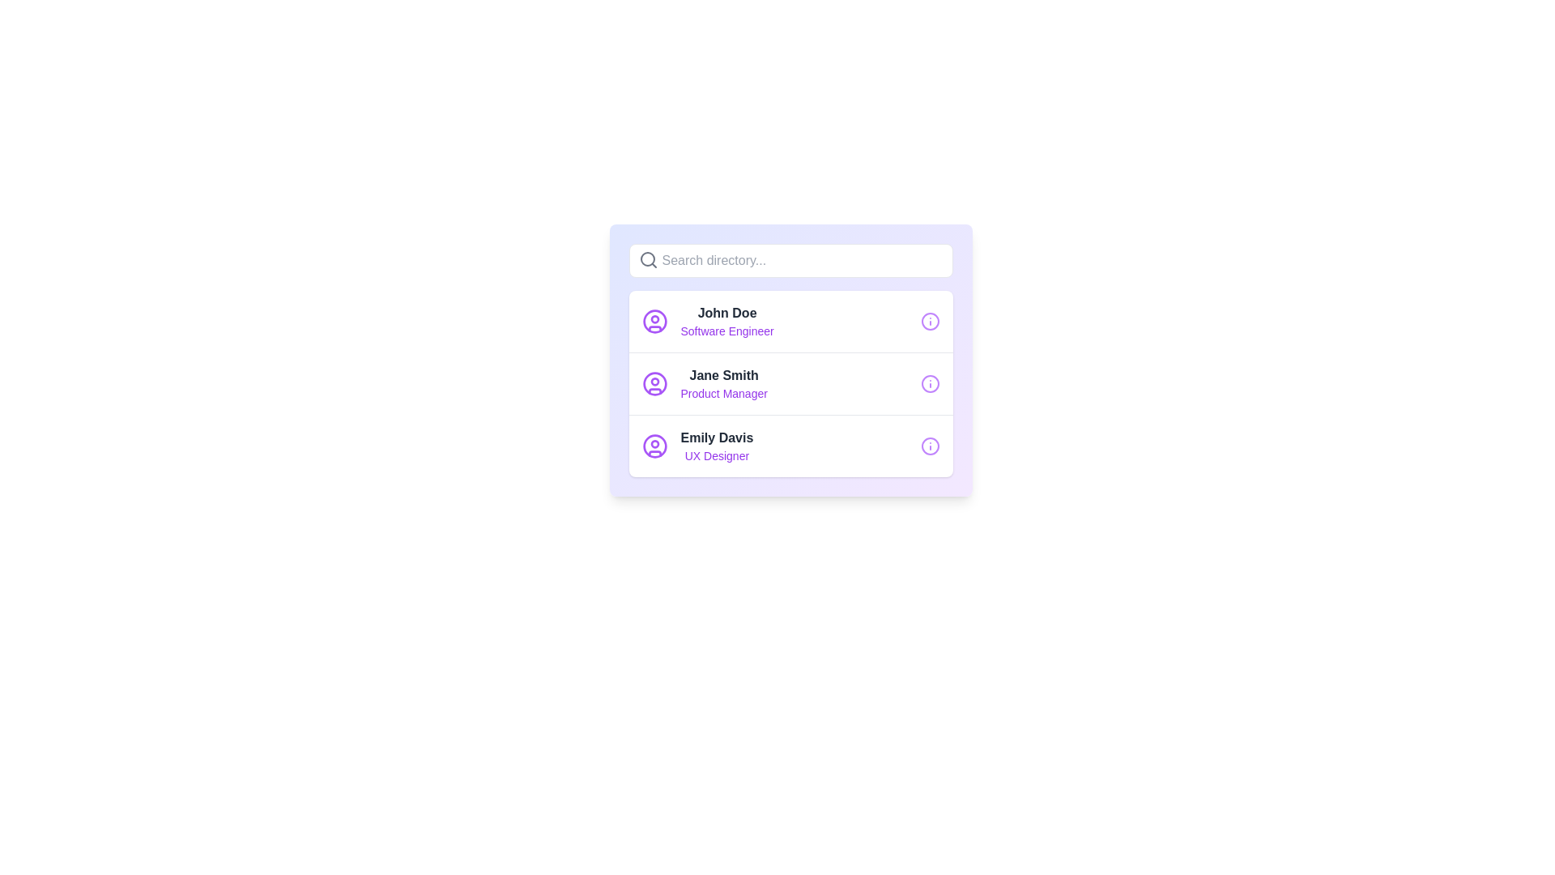 This screenshot has width=1555, height=875. What do you see at coordinates (930, 322) in the screenshot?
I see `the Icon Button located to the far right of the row, adjacent to the text 'Software Engineer', aligned with 'John Doe'` at bounding box center [930, 322].